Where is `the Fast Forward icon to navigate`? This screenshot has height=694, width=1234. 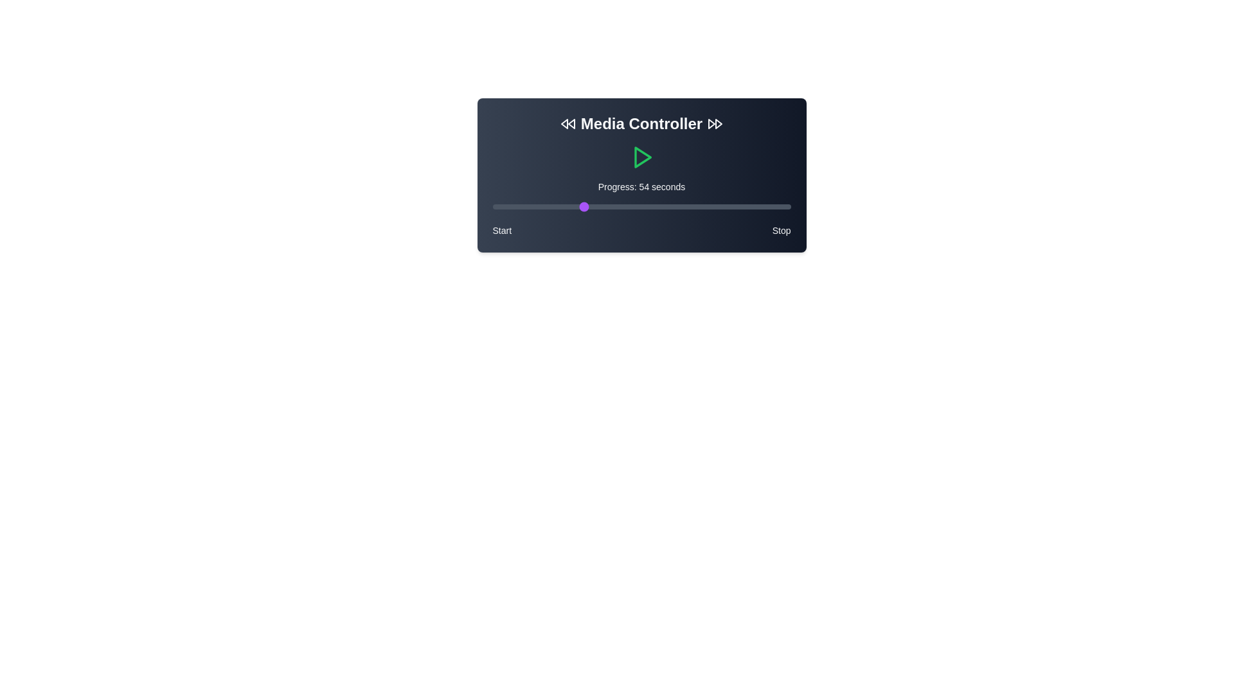
the Fast Forward icon to navigate is located at coordinates (715, 123).